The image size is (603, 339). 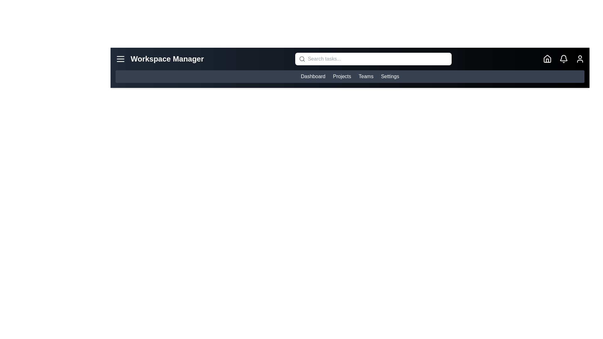 I want to click on the menu button to toggle the menu visibility, so click(x=121, y=59).